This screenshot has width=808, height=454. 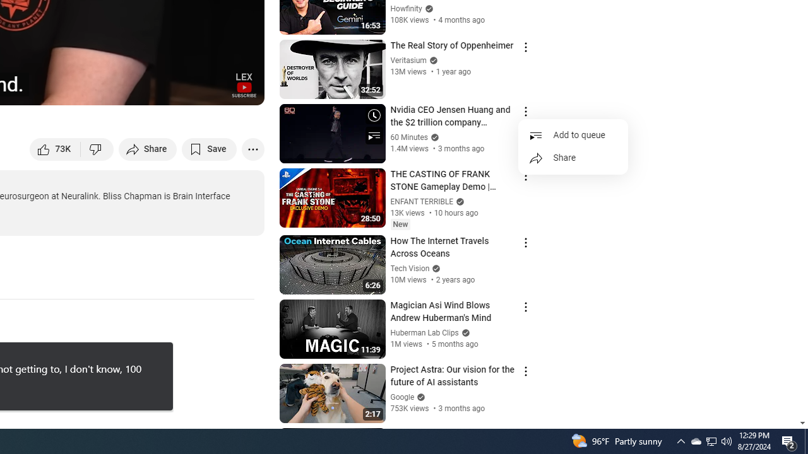 I want to click on 'Share', so click(x=573, y=158).